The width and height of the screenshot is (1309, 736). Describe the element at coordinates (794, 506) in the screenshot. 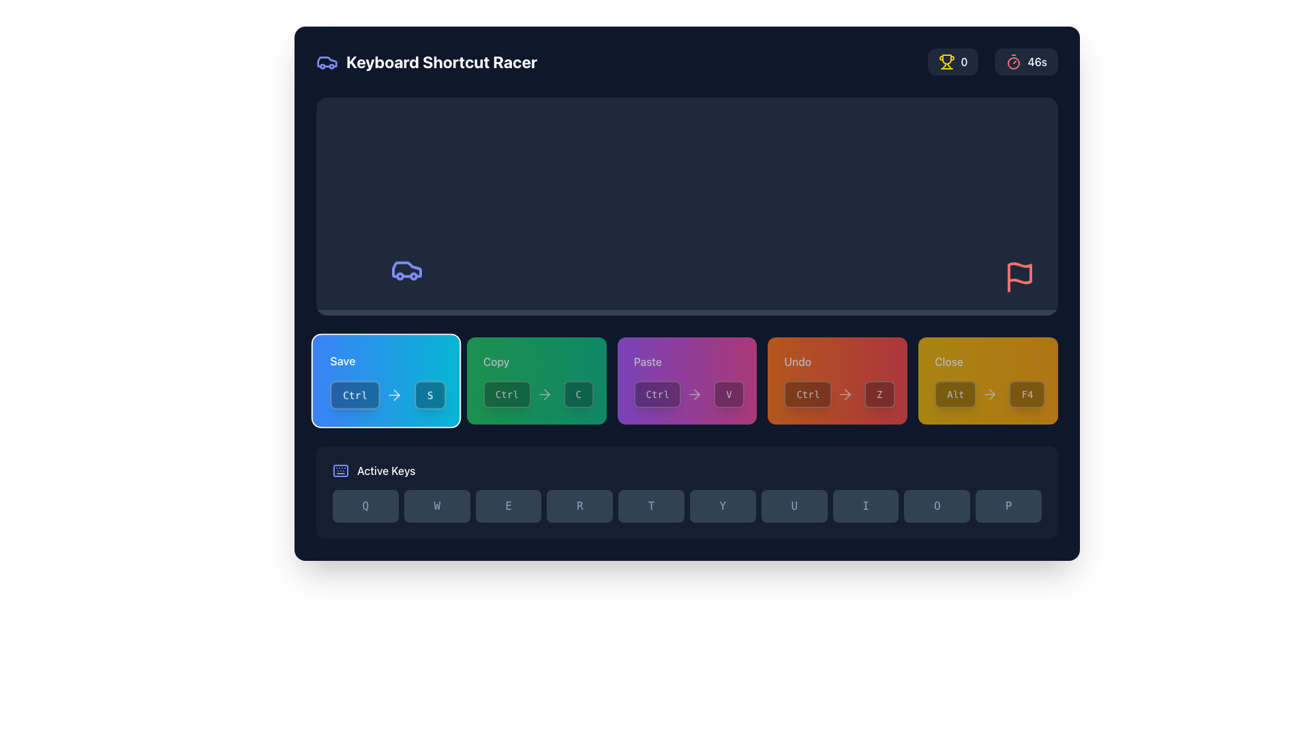

I see `the 'U' key button in the virtual keyboard interface, which is the seventh key in the row of ten keys ('QWERTYUIOP')` at that location.